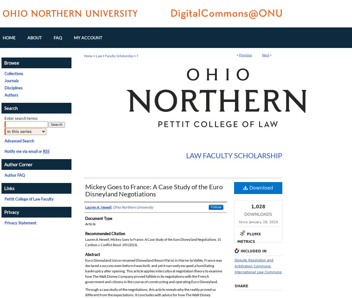 The width and height of the screenshot is (352, 298). What do you see at coordinates (11, 81) in the screenshot?
I see `'Journals'` at bounding box center [11, 81].